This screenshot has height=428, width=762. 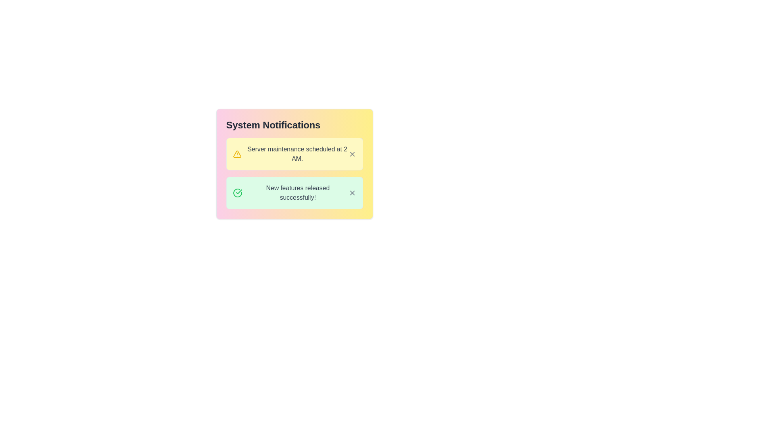 I want to click on the checkmark icon representing a successful operation, located to the left of the notification text 'New features released successfully!' in the second notification row, so click(x=239, y=191).